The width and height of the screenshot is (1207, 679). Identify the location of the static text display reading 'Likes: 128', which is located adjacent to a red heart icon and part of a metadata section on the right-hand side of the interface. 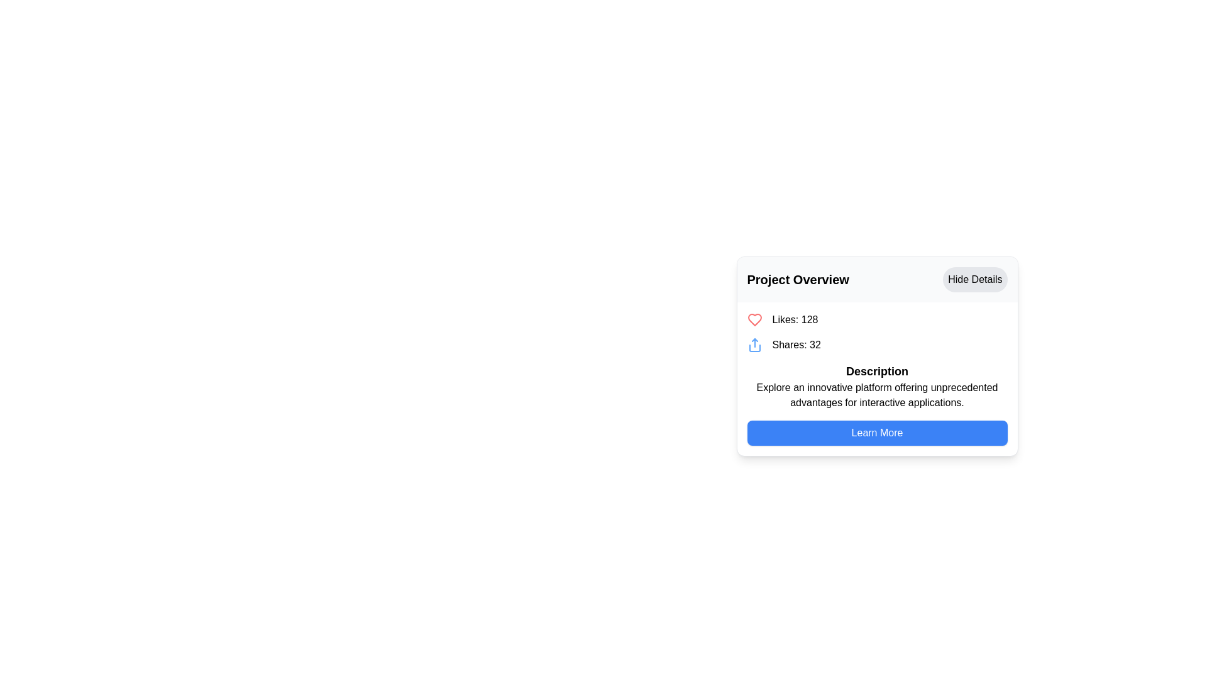
(794, 319).